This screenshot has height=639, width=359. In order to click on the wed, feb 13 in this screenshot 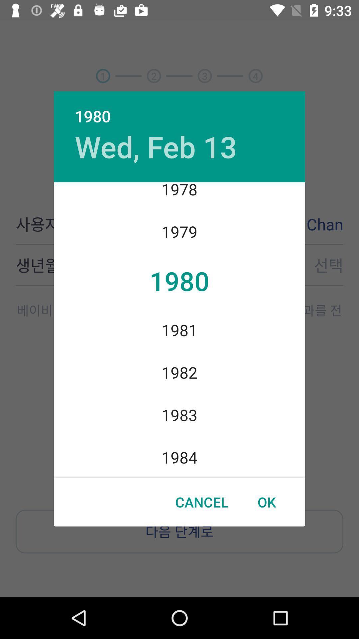, I will do `click(156, 146)`.